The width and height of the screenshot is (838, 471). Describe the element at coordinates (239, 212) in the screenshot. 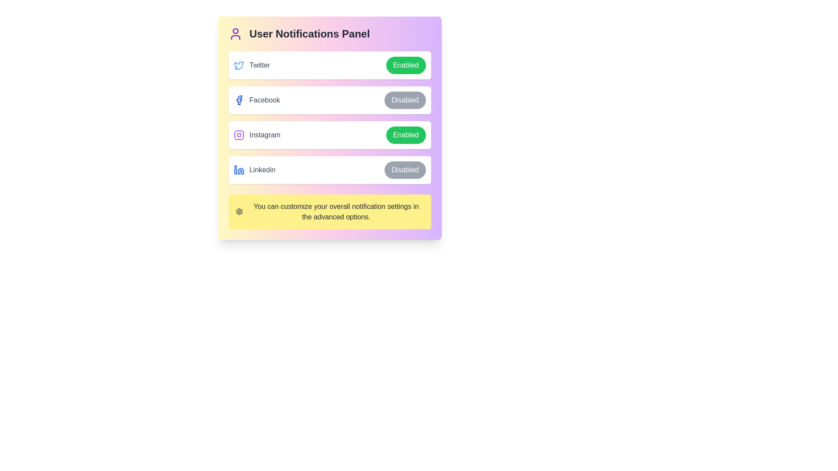

I see `the decorative gear-shaped icon located at the bottom center of the interface` at that location.